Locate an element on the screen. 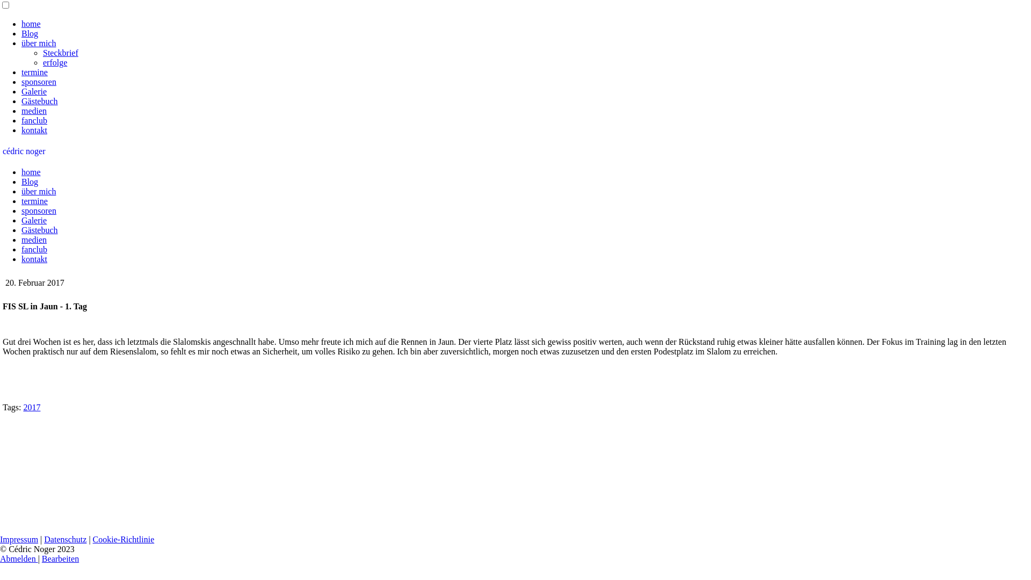 This screenshot has width=1031, height=580. 'Blog' is located at coordinates (30, 181).